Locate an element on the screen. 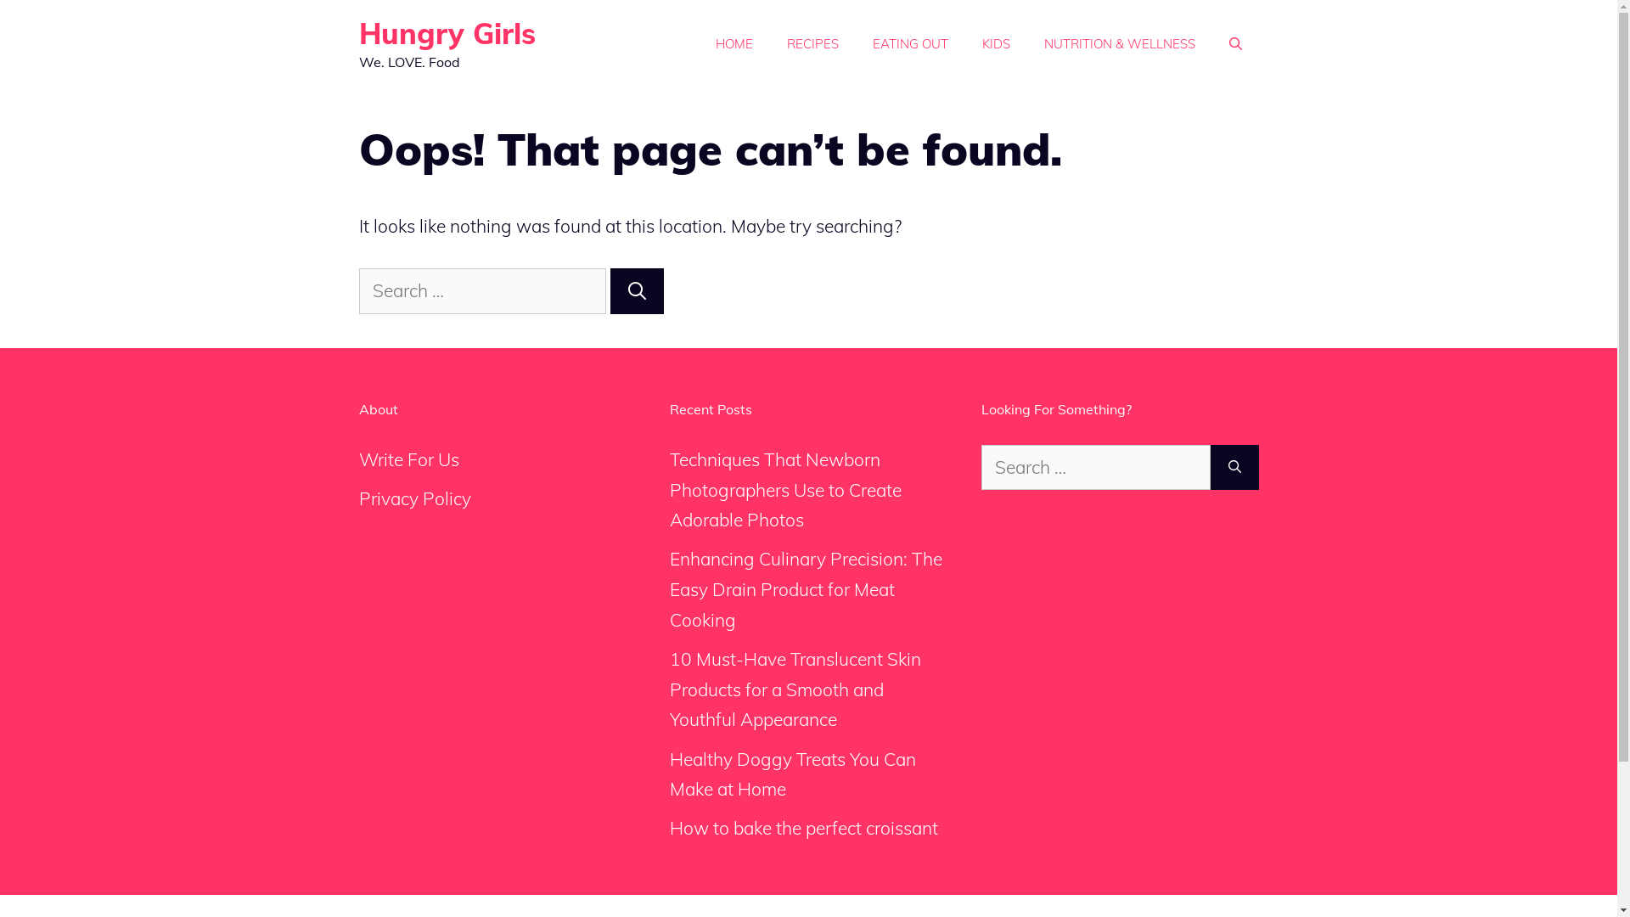 This screenshot has width=1630, height=917. 'How to bake the perfect croissant' is located at coordinates (802, 827).